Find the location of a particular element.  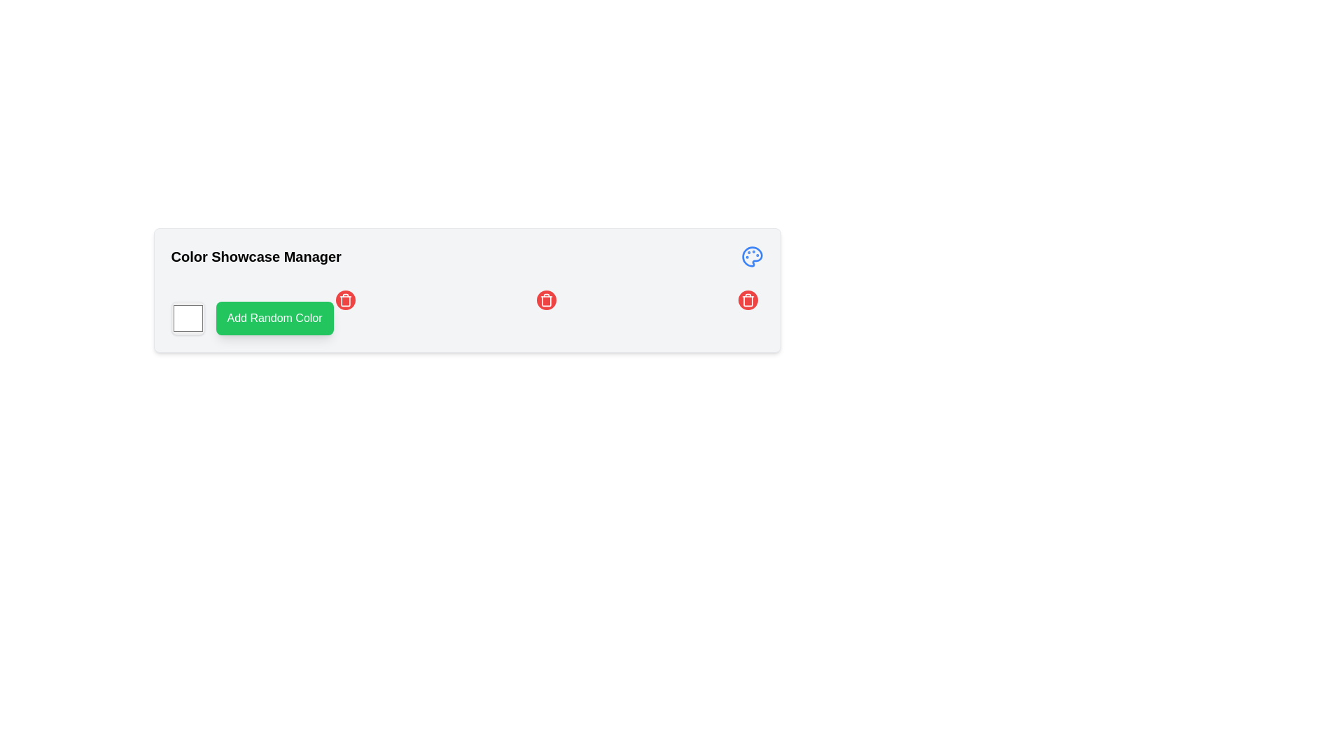

the rounded red button with a trash can icon is located at coordinates (345, 299).